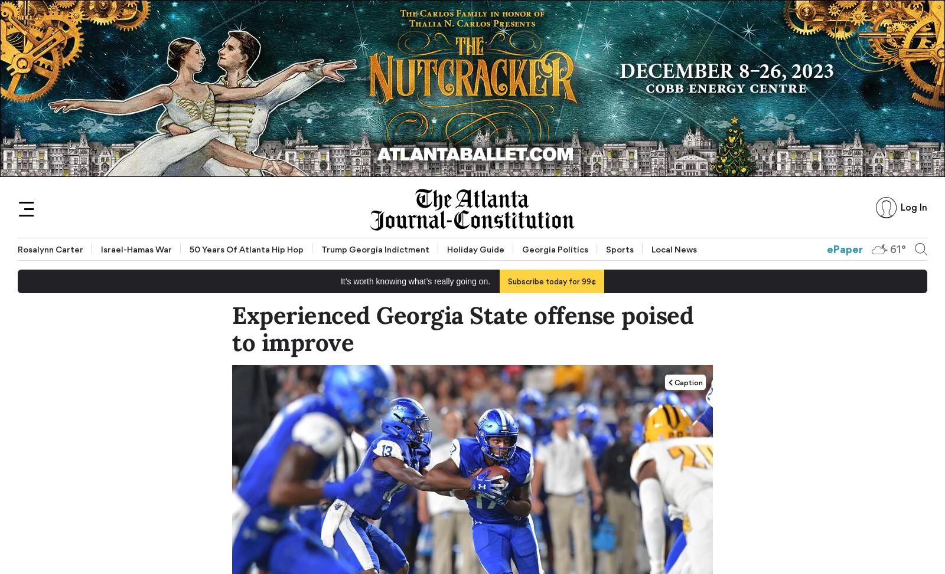 Image resolution: width=945 pixels, height=574 pixels. Describe the element at coordinates (246, 249) in the screenshot. I see `'50 Years of Atlanta Hip Hop'` at that location.